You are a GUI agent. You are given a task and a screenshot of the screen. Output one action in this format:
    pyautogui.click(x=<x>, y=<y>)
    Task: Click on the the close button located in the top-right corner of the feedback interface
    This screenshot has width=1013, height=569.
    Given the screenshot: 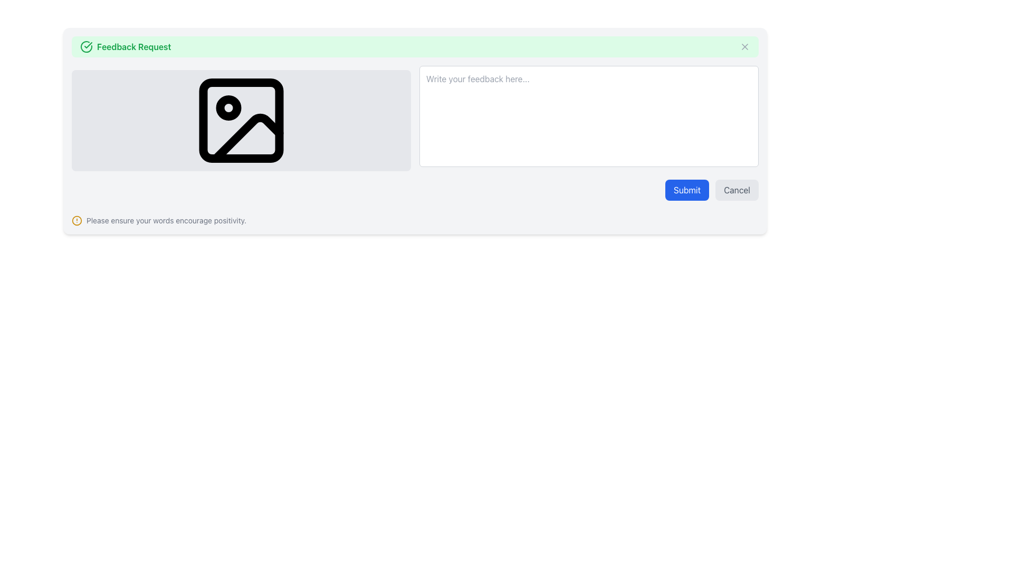 What is the action you would take?
    pyautogui.click(x=744, y=46)
    